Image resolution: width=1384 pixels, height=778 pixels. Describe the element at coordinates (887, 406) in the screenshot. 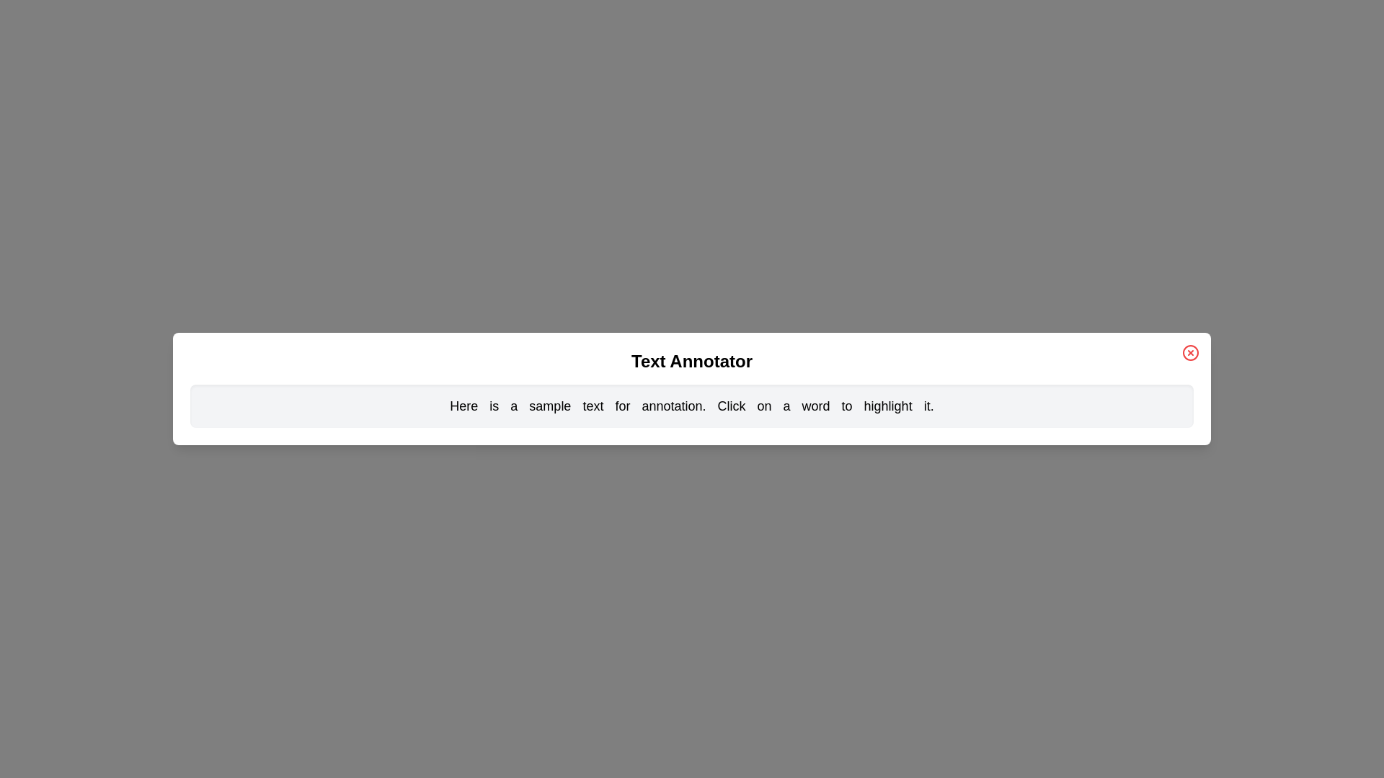

I see `the word 'highlight' to toggle its highlighting` at that location.